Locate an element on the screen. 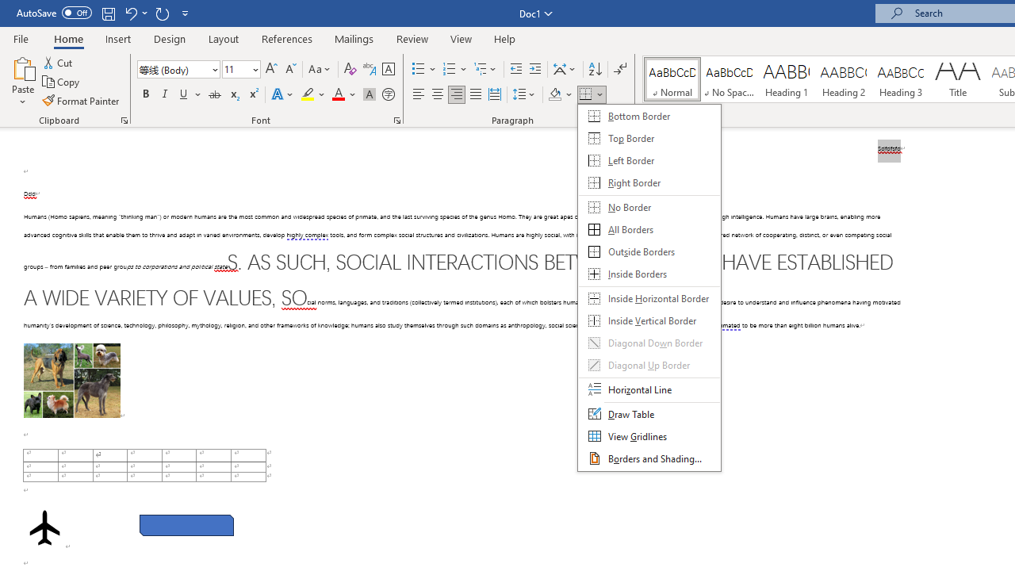 The width and height of the screenshot is (1015, 571). 'AutoSave' is located at coordinates (54, 13).